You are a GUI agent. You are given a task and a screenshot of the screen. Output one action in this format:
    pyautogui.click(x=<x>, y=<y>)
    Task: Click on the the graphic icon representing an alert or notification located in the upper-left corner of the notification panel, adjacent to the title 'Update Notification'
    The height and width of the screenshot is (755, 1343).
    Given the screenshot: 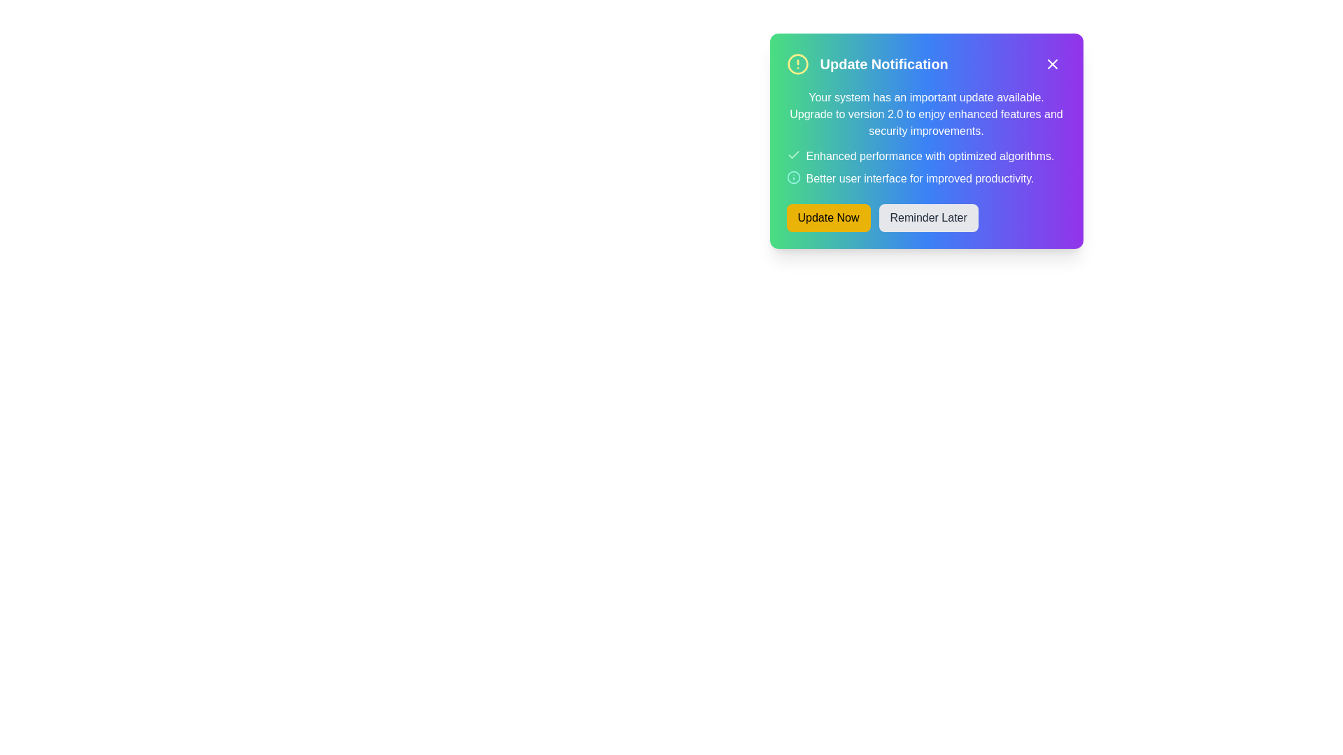 What is the action you would take?
    pyautogui.click(x=797, y=64)
    